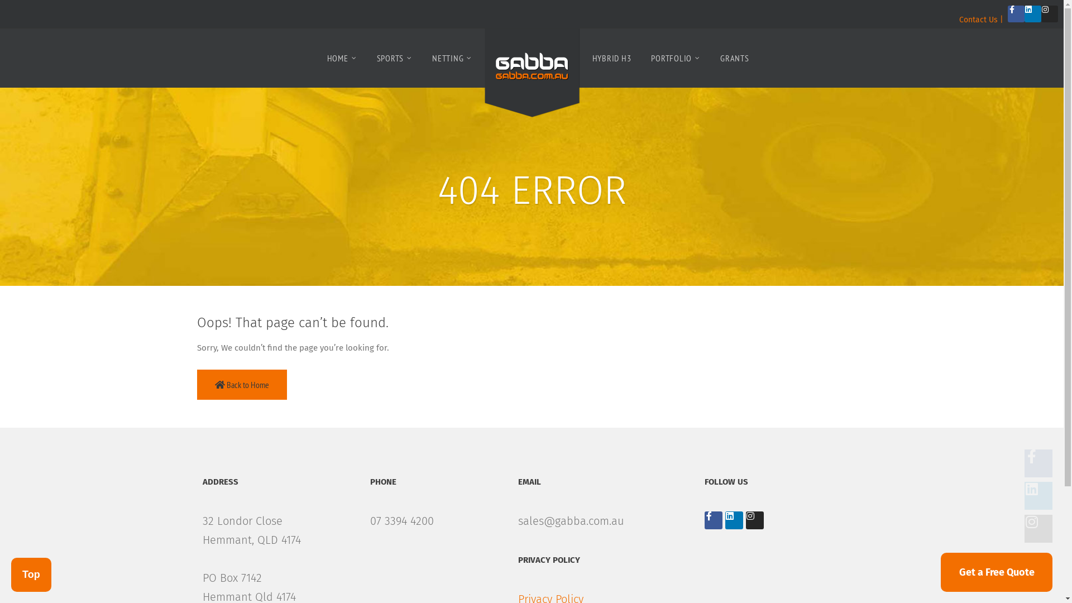 This screenshot has width=1072, height=603. I want to click on 'Sports Netting and Surfaces', so click(530, 75).